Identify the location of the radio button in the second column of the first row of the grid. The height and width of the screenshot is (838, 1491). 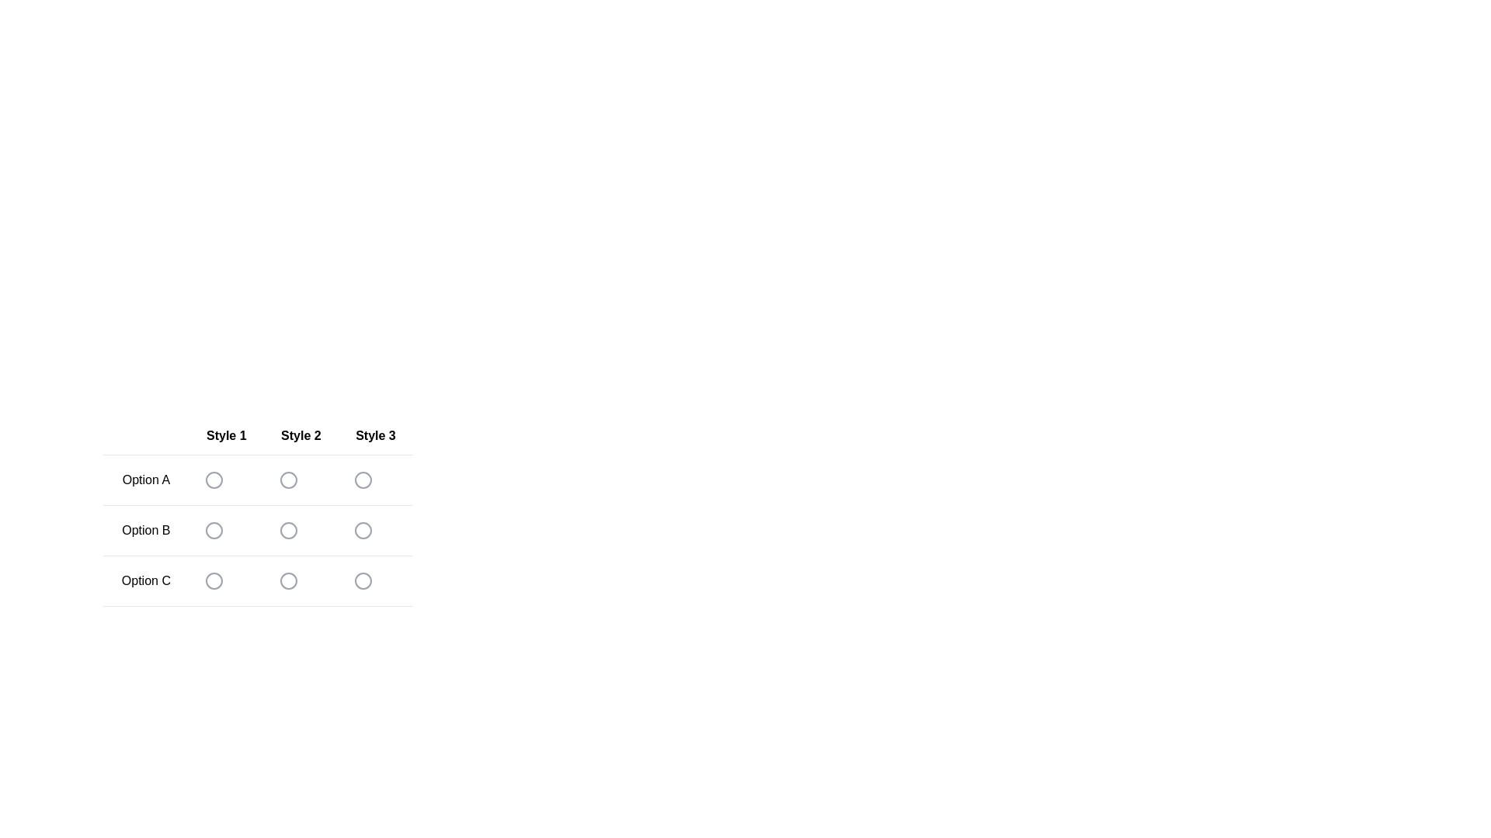
(288, 479).